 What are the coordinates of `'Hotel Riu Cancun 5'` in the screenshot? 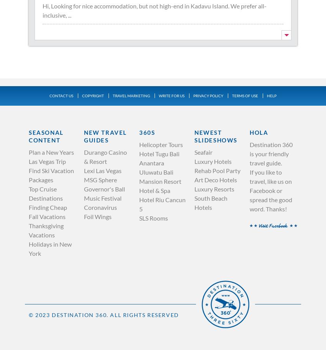 It's located at (162, 203).